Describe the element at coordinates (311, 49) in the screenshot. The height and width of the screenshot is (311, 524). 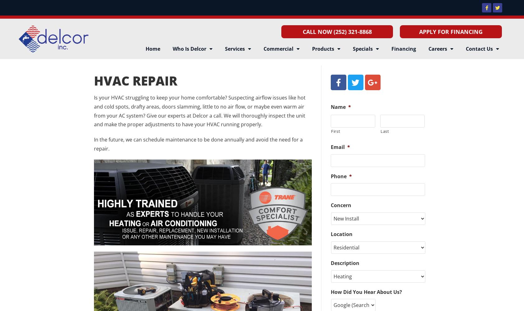
I see `'Products'` at that location.